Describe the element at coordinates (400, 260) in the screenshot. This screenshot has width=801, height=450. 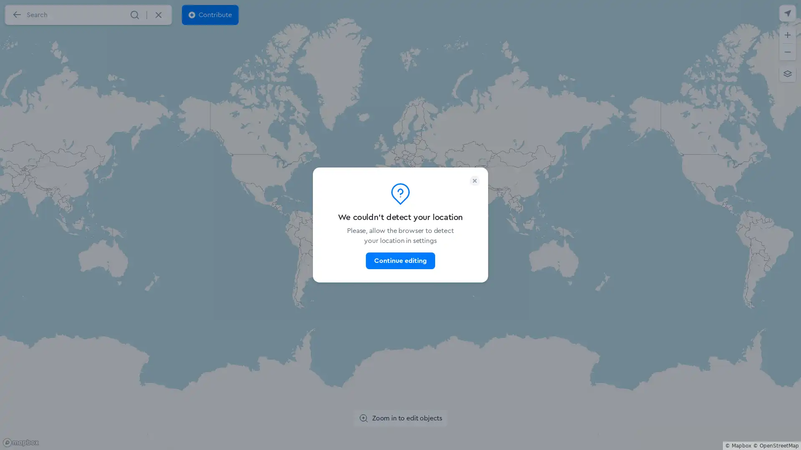
I see `Continue editing` at that location.